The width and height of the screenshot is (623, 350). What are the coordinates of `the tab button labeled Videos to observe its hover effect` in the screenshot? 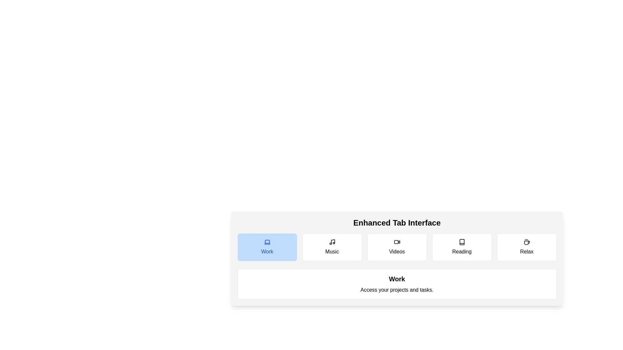 It's located at (397, 247).